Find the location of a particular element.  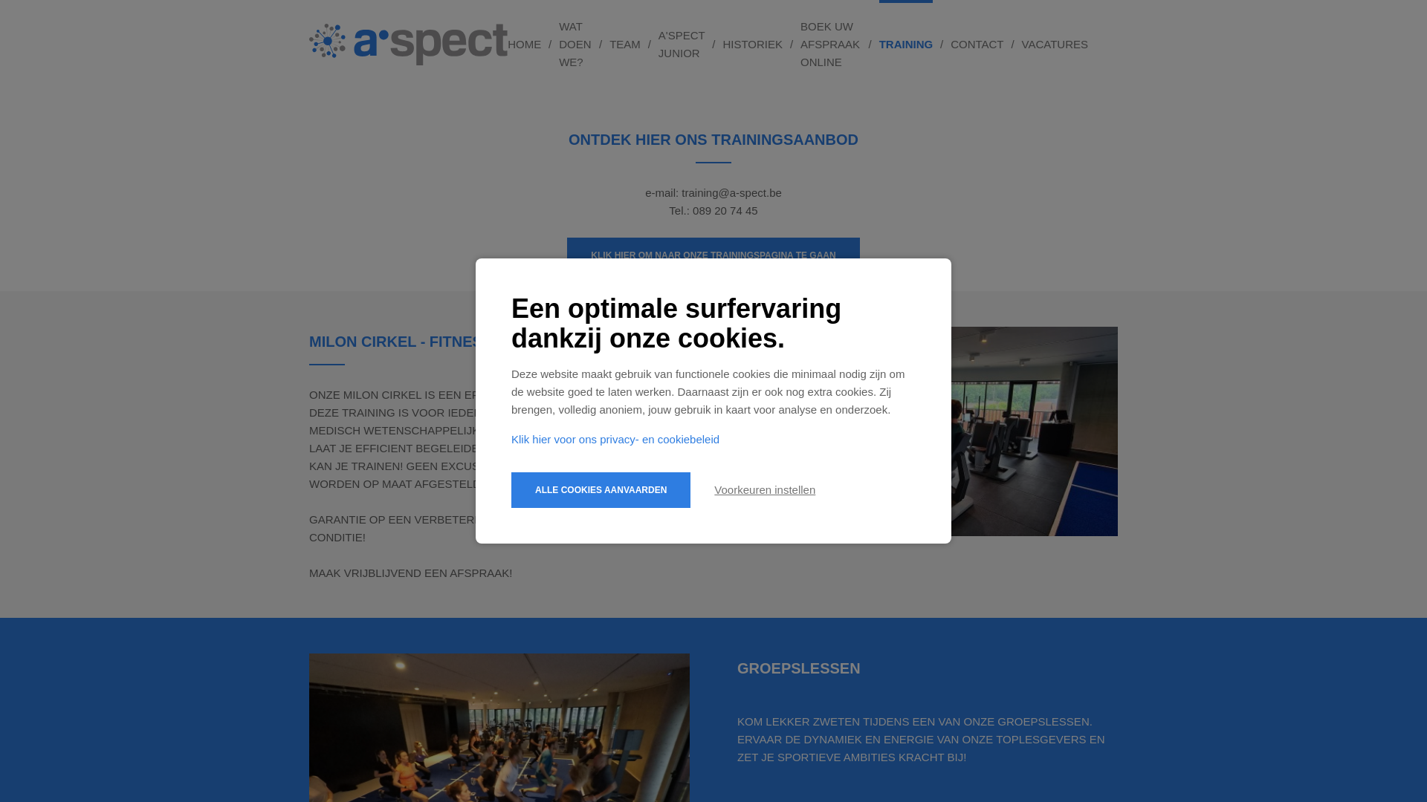

'TEAM' is located at coordinates (624, 44).